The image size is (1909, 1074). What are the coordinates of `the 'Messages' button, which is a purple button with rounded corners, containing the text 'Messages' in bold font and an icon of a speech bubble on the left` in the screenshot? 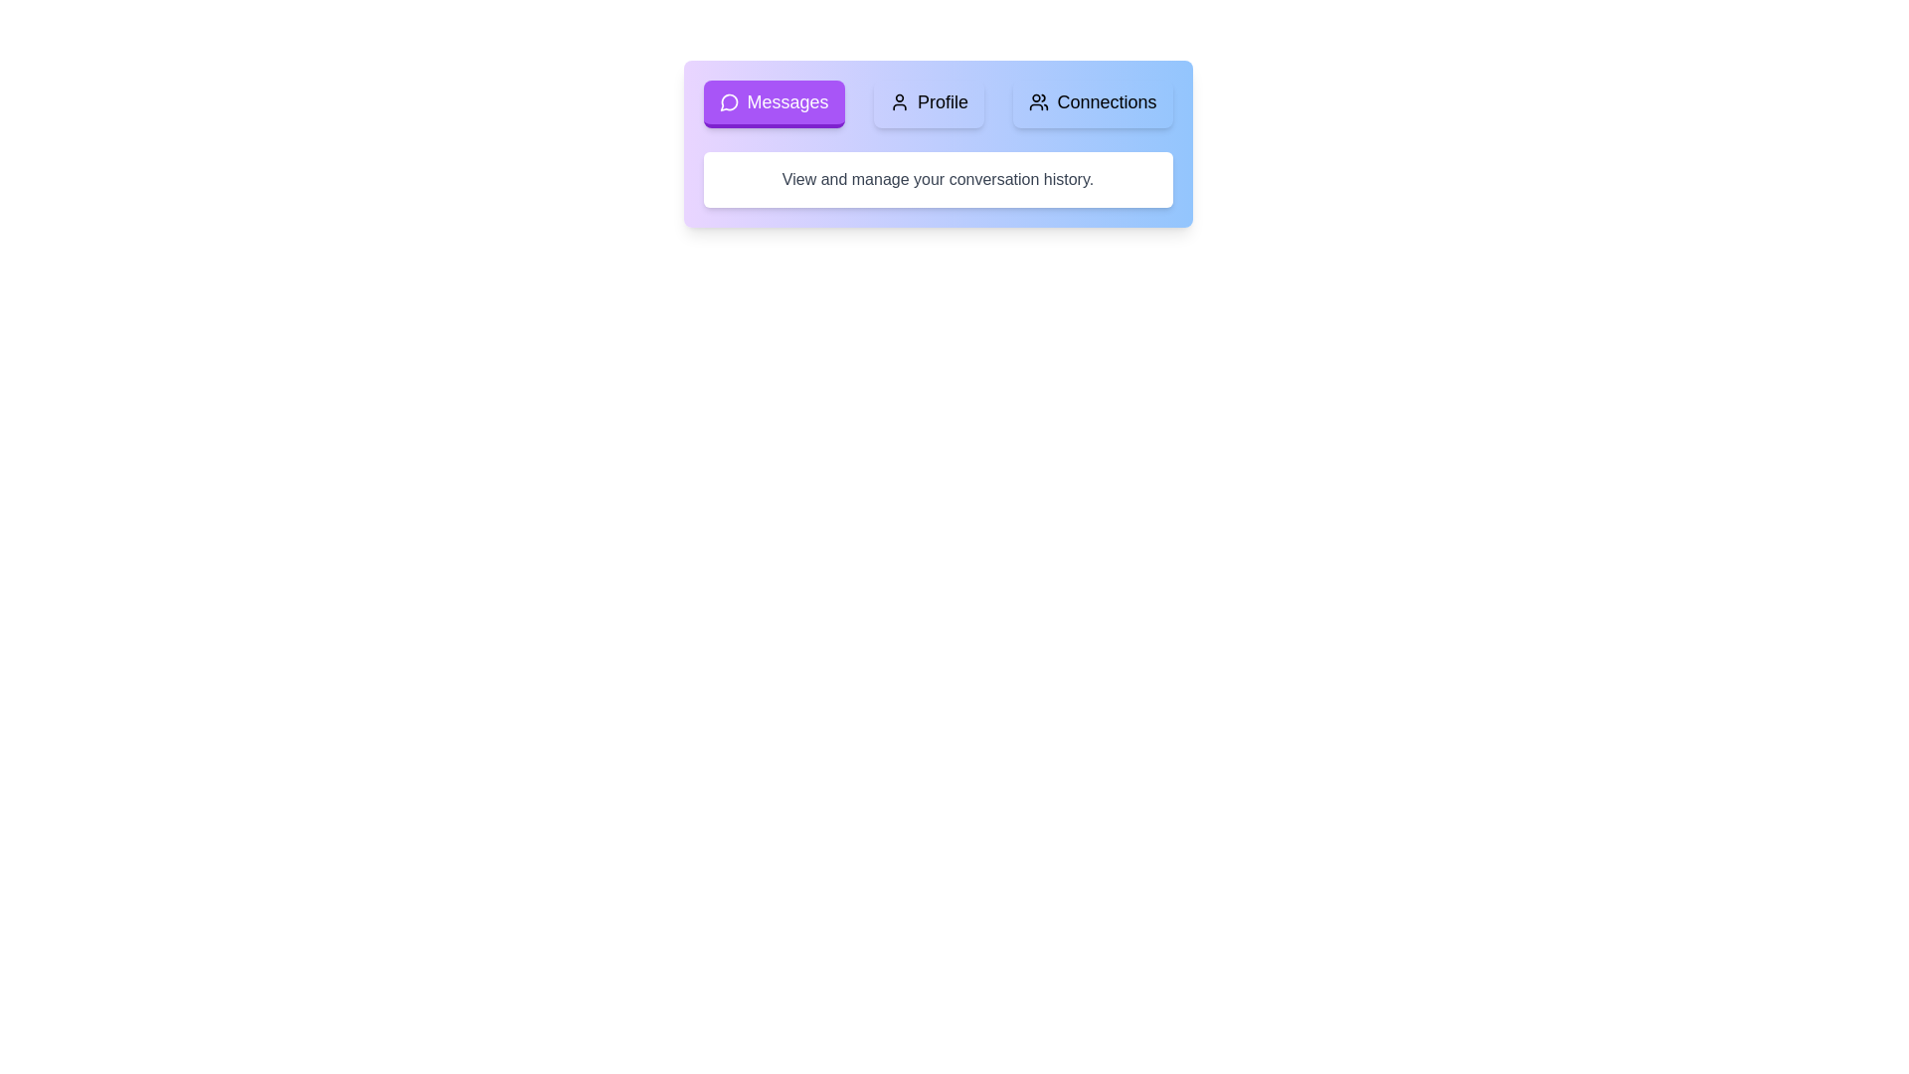 It's located at (786, 102).